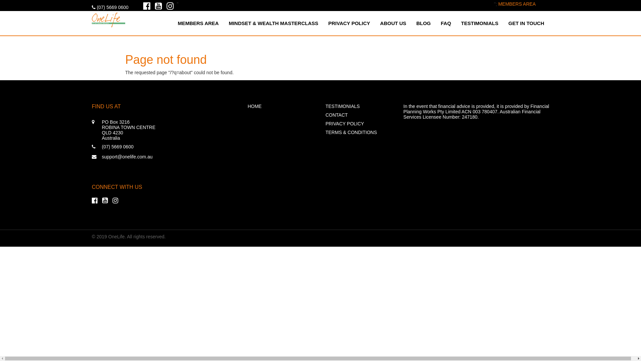  Describe the element at coordinates (423, 23) in the screenshot. I see `'BLOG'` at that location.